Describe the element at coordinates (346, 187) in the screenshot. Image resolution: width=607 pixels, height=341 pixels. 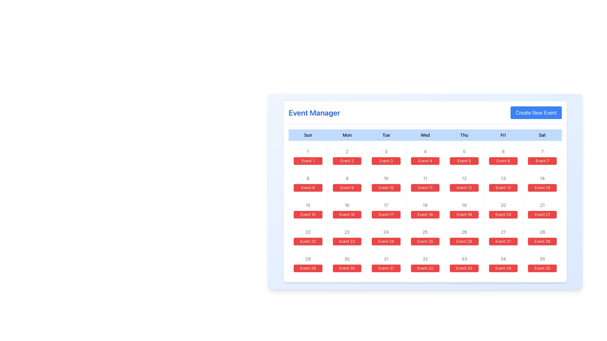
I see `the button representing the 9th day of the month in the calendar grid, positioned in the Tuesday column` at that location.